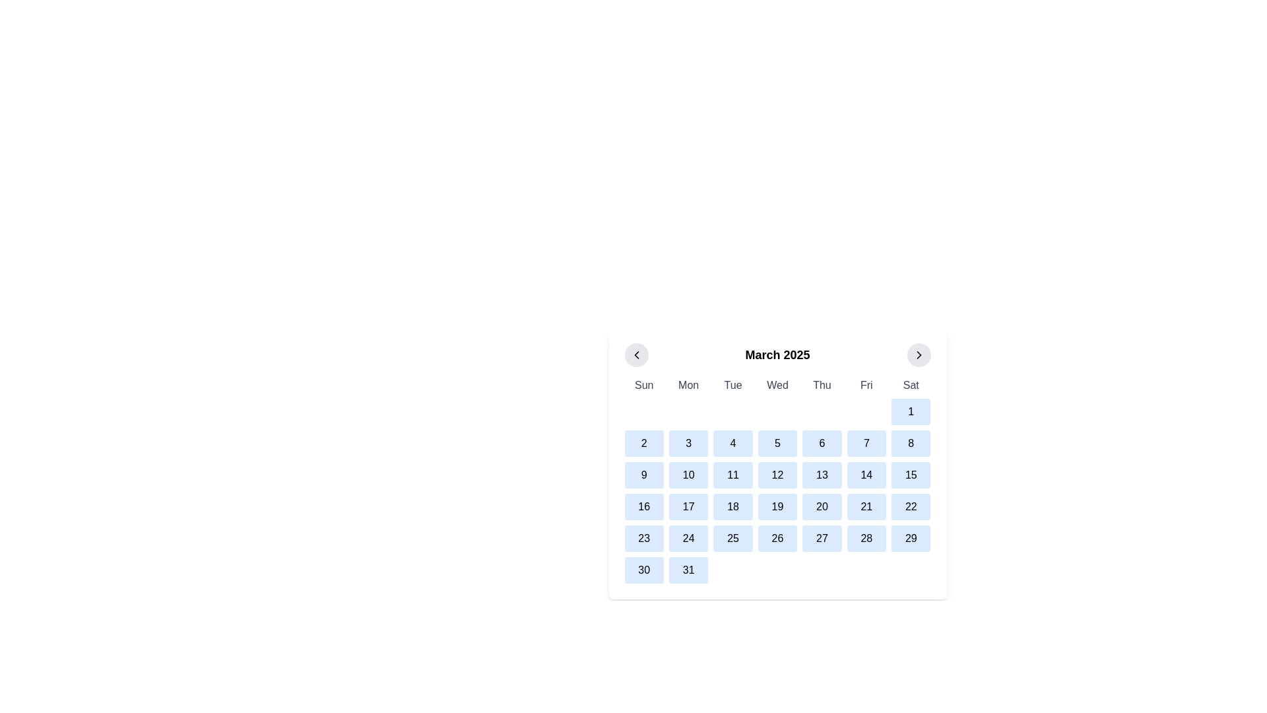 The height and width of the screenshot is (713, 1267). I want to click on the right-facing chevron icon in the calendar header, so click(918, 354).